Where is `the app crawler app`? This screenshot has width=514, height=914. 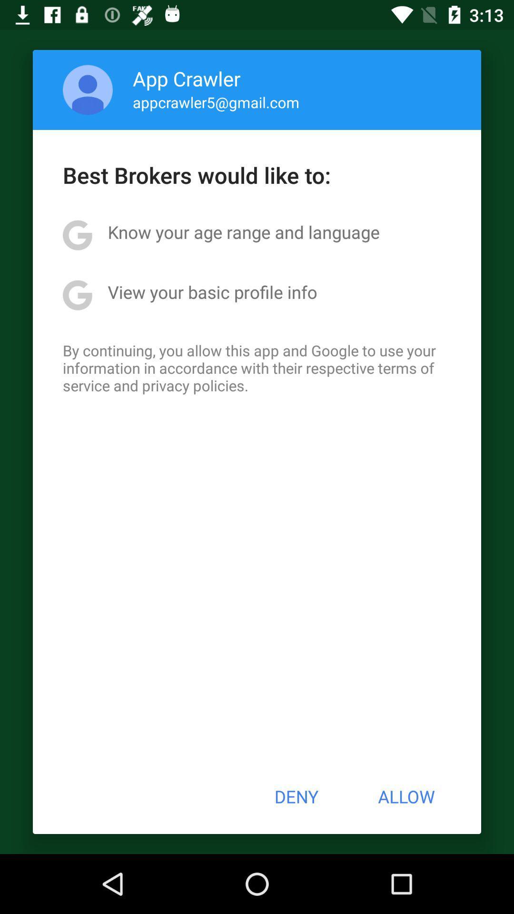
the app crawler app is located at coordinates (187, 78).